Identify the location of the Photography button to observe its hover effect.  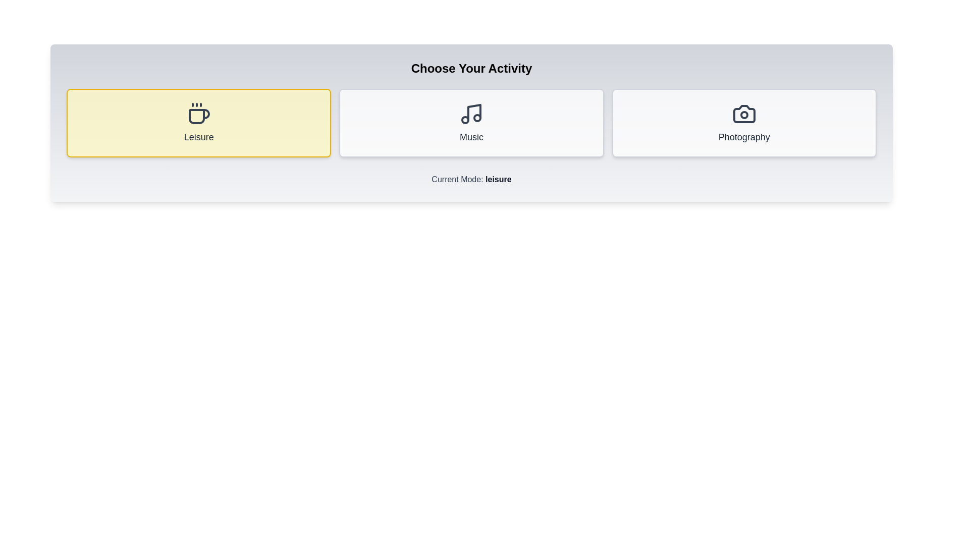
(743, 122).